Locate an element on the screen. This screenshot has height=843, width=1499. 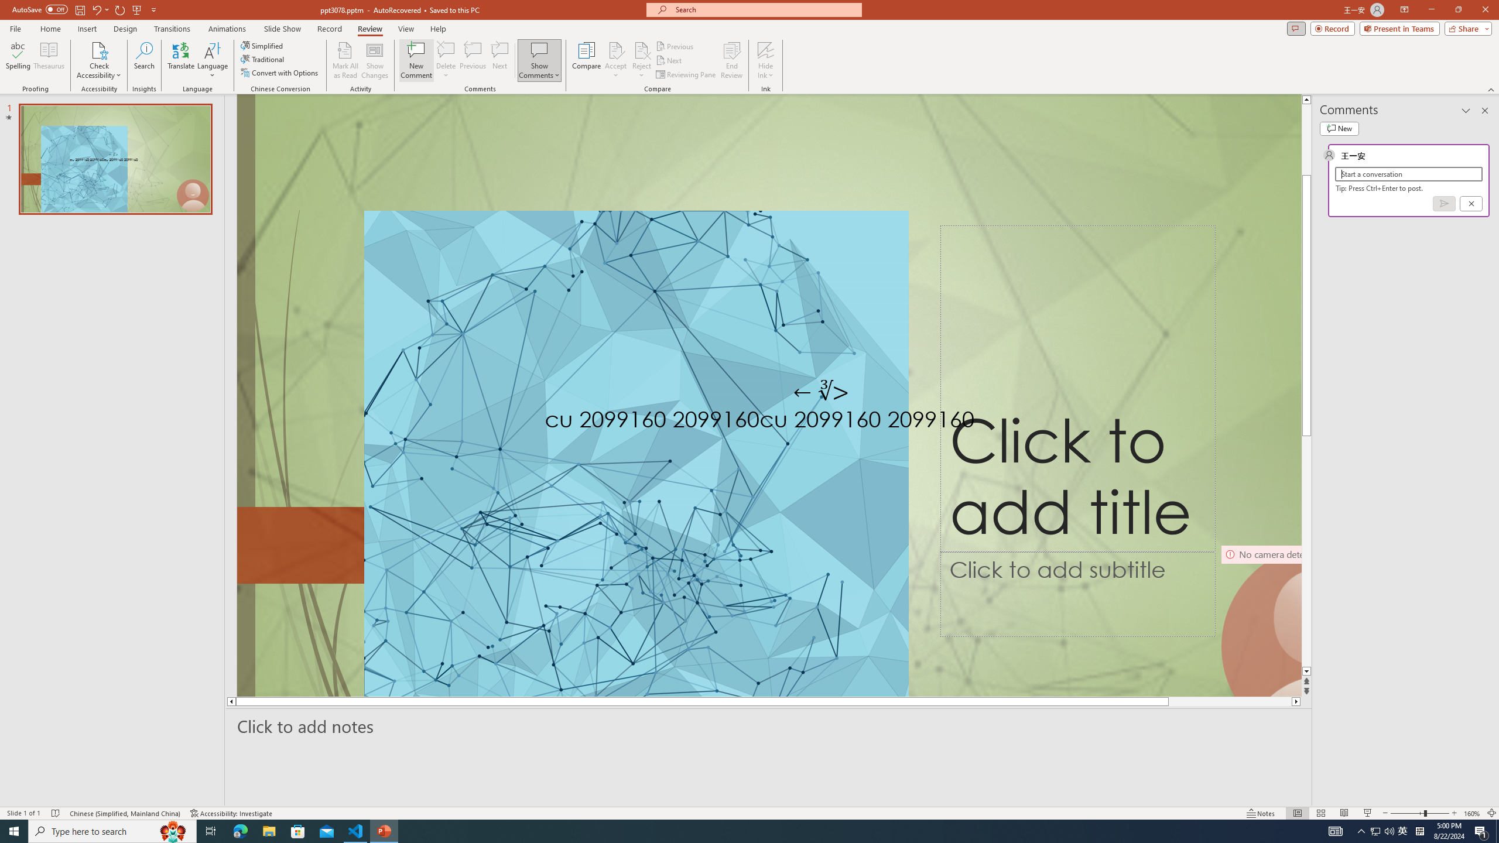
'Cancel' is located at coordinates (1470, 204).